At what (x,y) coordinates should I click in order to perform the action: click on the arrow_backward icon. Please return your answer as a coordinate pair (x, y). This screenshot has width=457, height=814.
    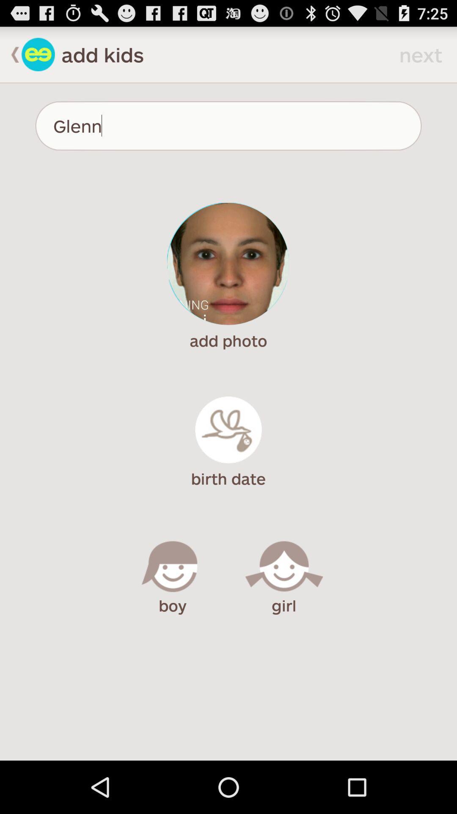
    Looking at the image, I should click on (11, 58).